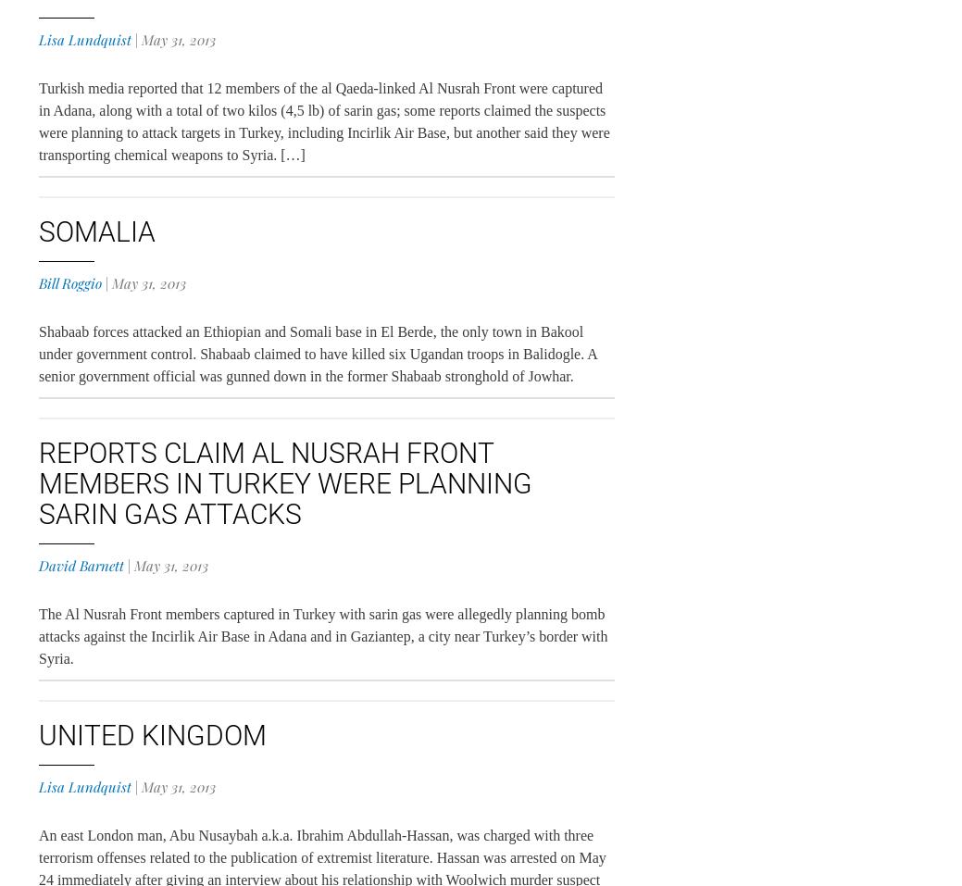  Describe the element at coordinates (81, 565) in the screenshot. I see `'David Barnett'` at that location.